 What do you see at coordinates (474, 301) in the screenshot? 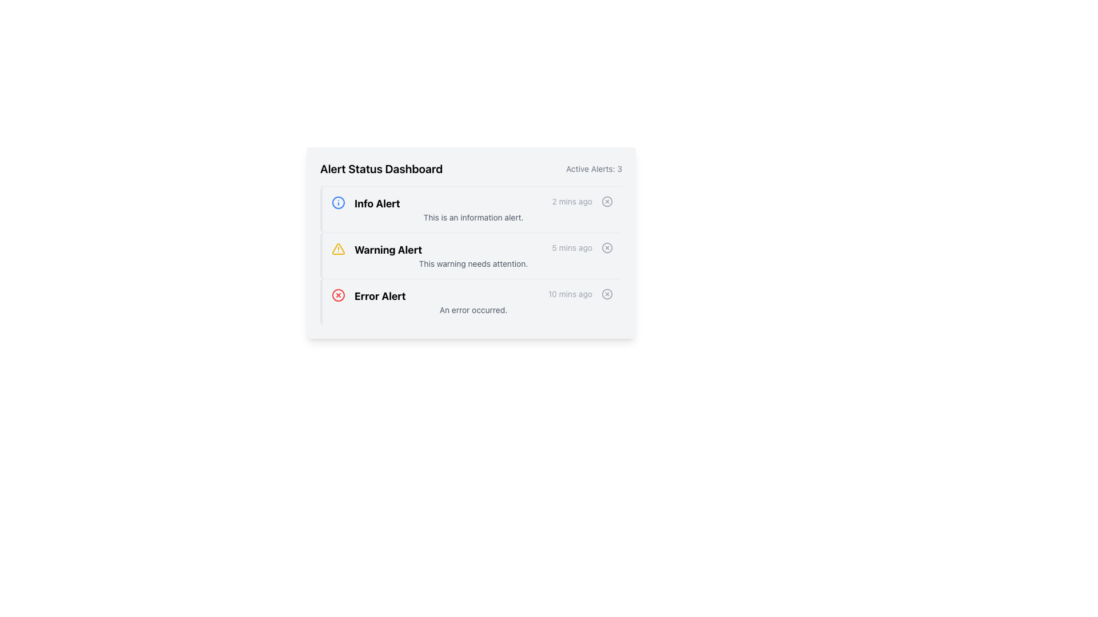
I see `textual information from the 'Error Alert' component located in the third notification group of the 'Alert Status Dashboard'` at bounding box center [474, 301].